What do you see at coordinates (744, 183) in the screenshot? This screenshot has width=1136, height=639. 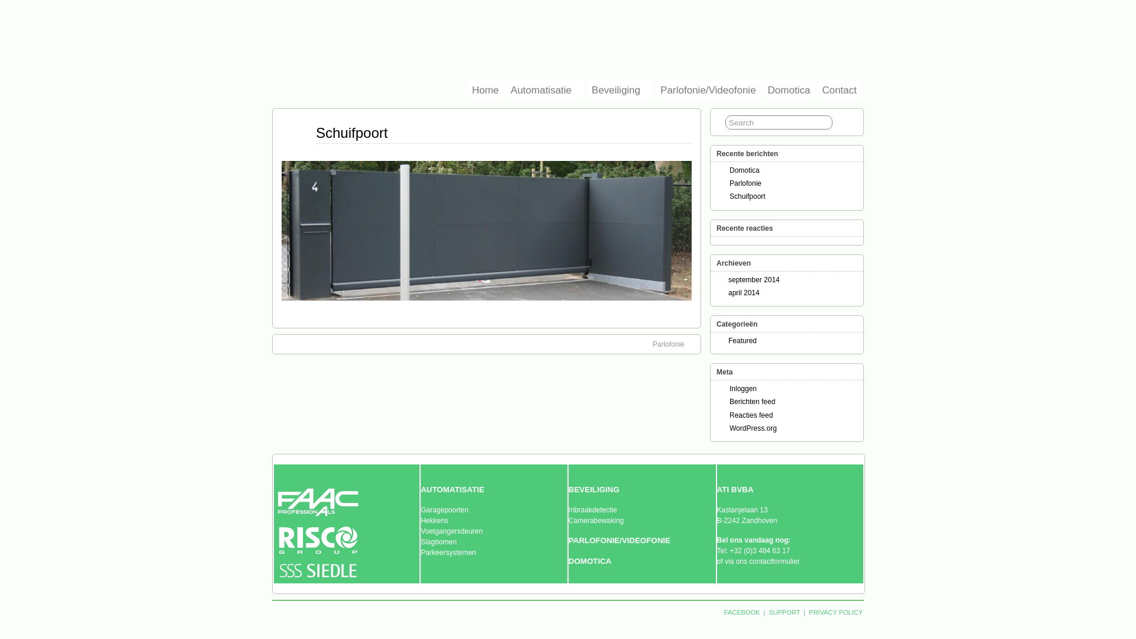 I see `'Parlofonie'` at bounding box center [744, 183].